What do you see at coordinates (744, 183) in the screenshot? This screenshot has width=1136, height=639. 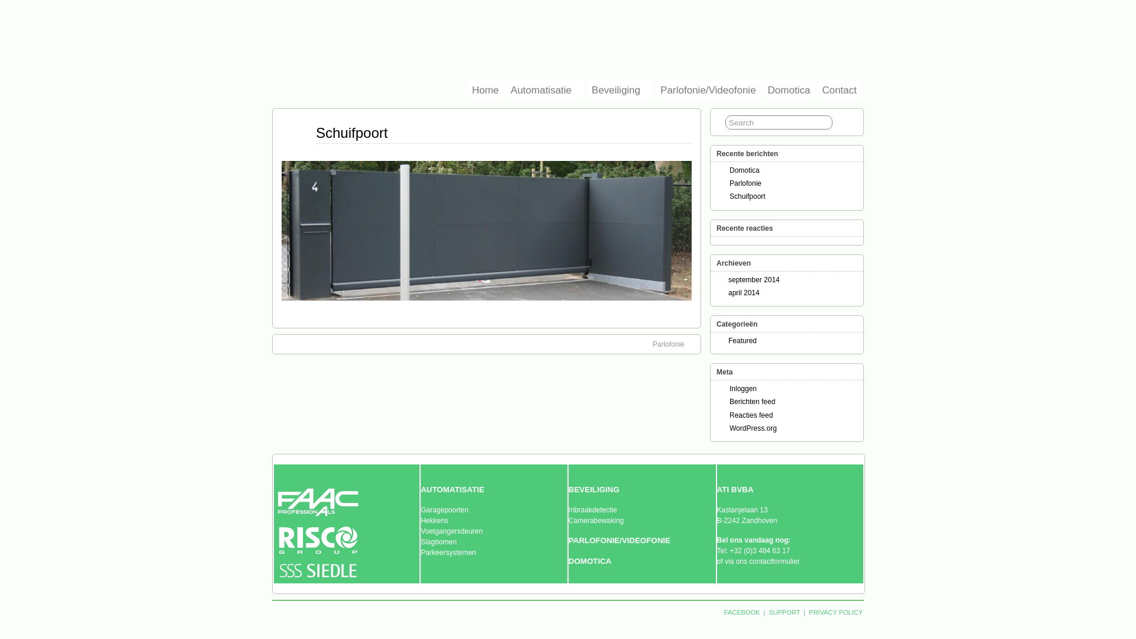 I see `'Parlofonie'` at bounding box center [744, 183].